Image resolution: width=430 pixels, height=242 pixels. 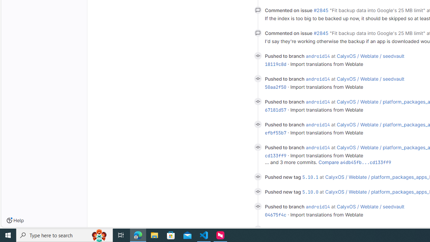 What do you see at coordinates (354, 162) in the screenshot?
I see `'Compare a4db45fb...cd133ff9'` at bounding box center [354, 162].